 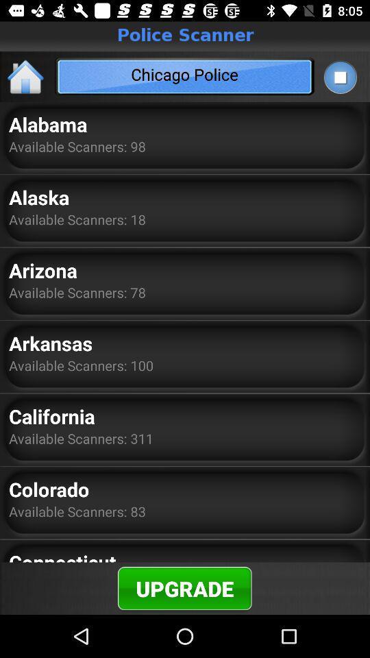 What do you see at coordinates (26, 76) in the screenshot?
I see `the home icon` at bounding box center [26, 76].